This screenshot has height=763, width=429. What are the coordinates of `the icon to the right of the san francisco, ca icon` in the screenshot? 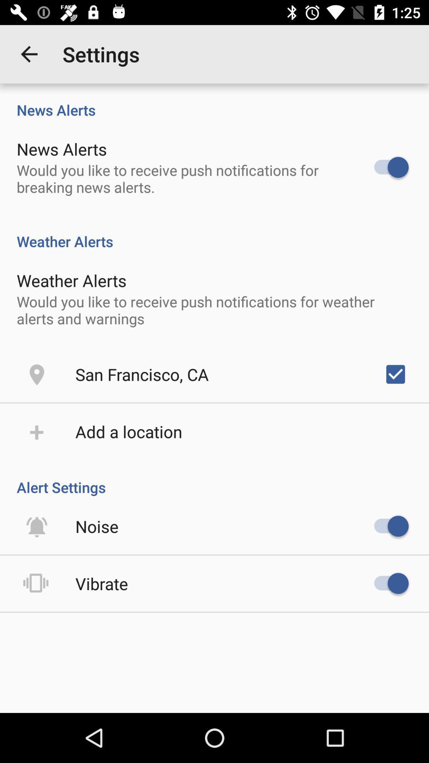 It's located at (395, 374).